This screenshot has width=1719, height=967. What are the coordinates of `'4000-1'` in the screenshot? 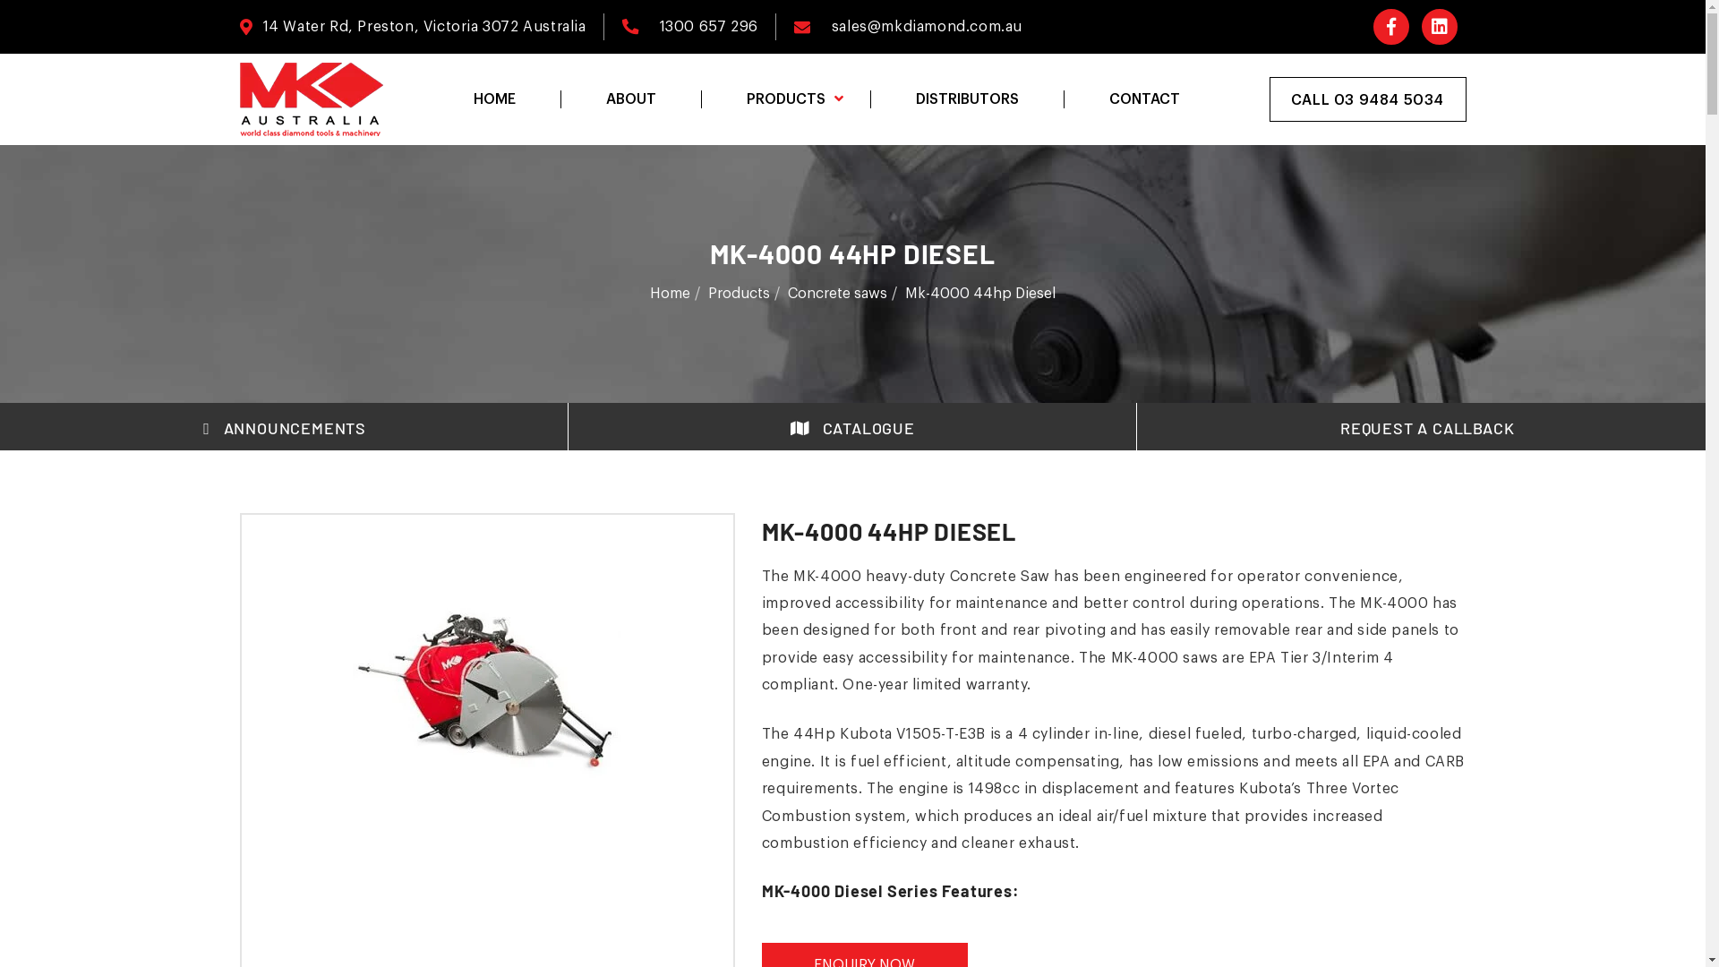 It's located at (352, 686).